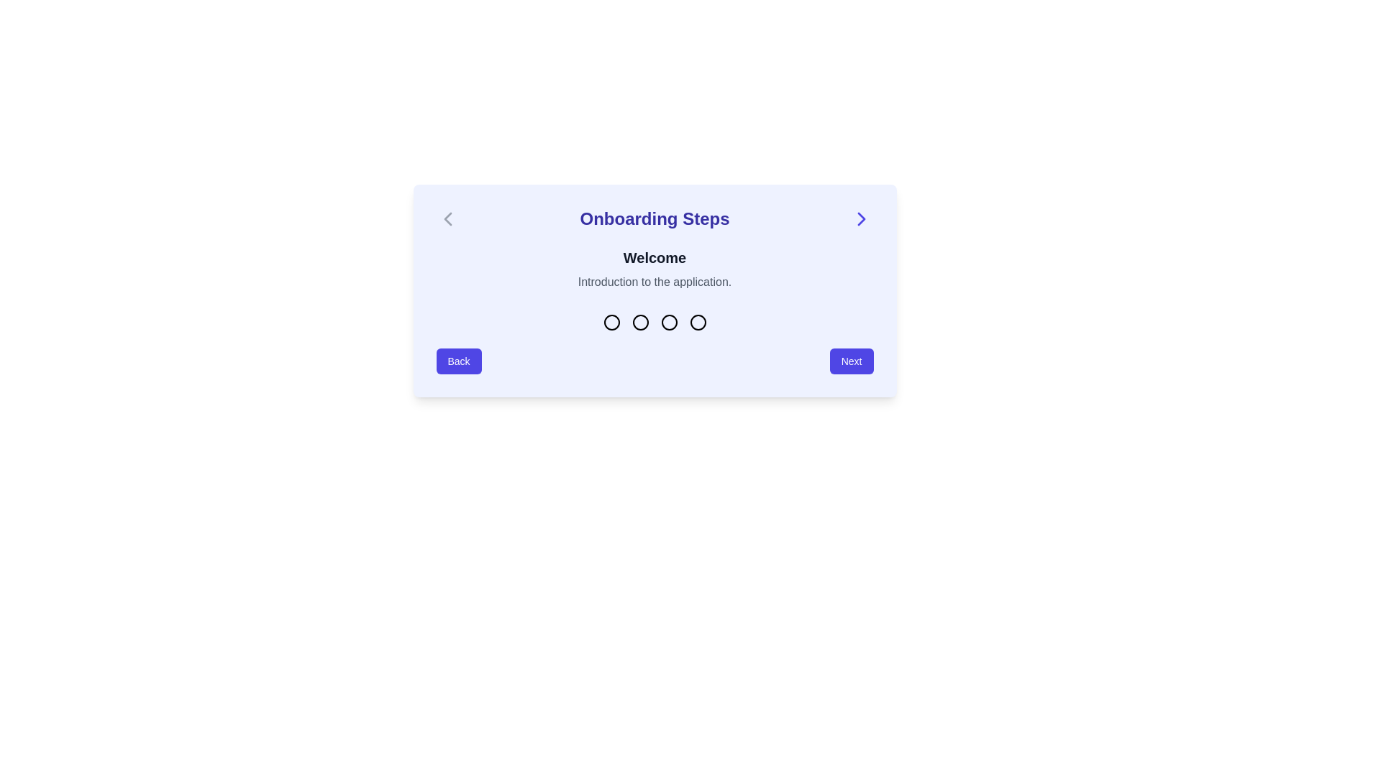  What do you see at coordinates (654, 321) in the screenshot?
I see `the Step progression indicator located at the bottom-center of the 'Onboarding Steps' card` at bounding box center [654, 321].